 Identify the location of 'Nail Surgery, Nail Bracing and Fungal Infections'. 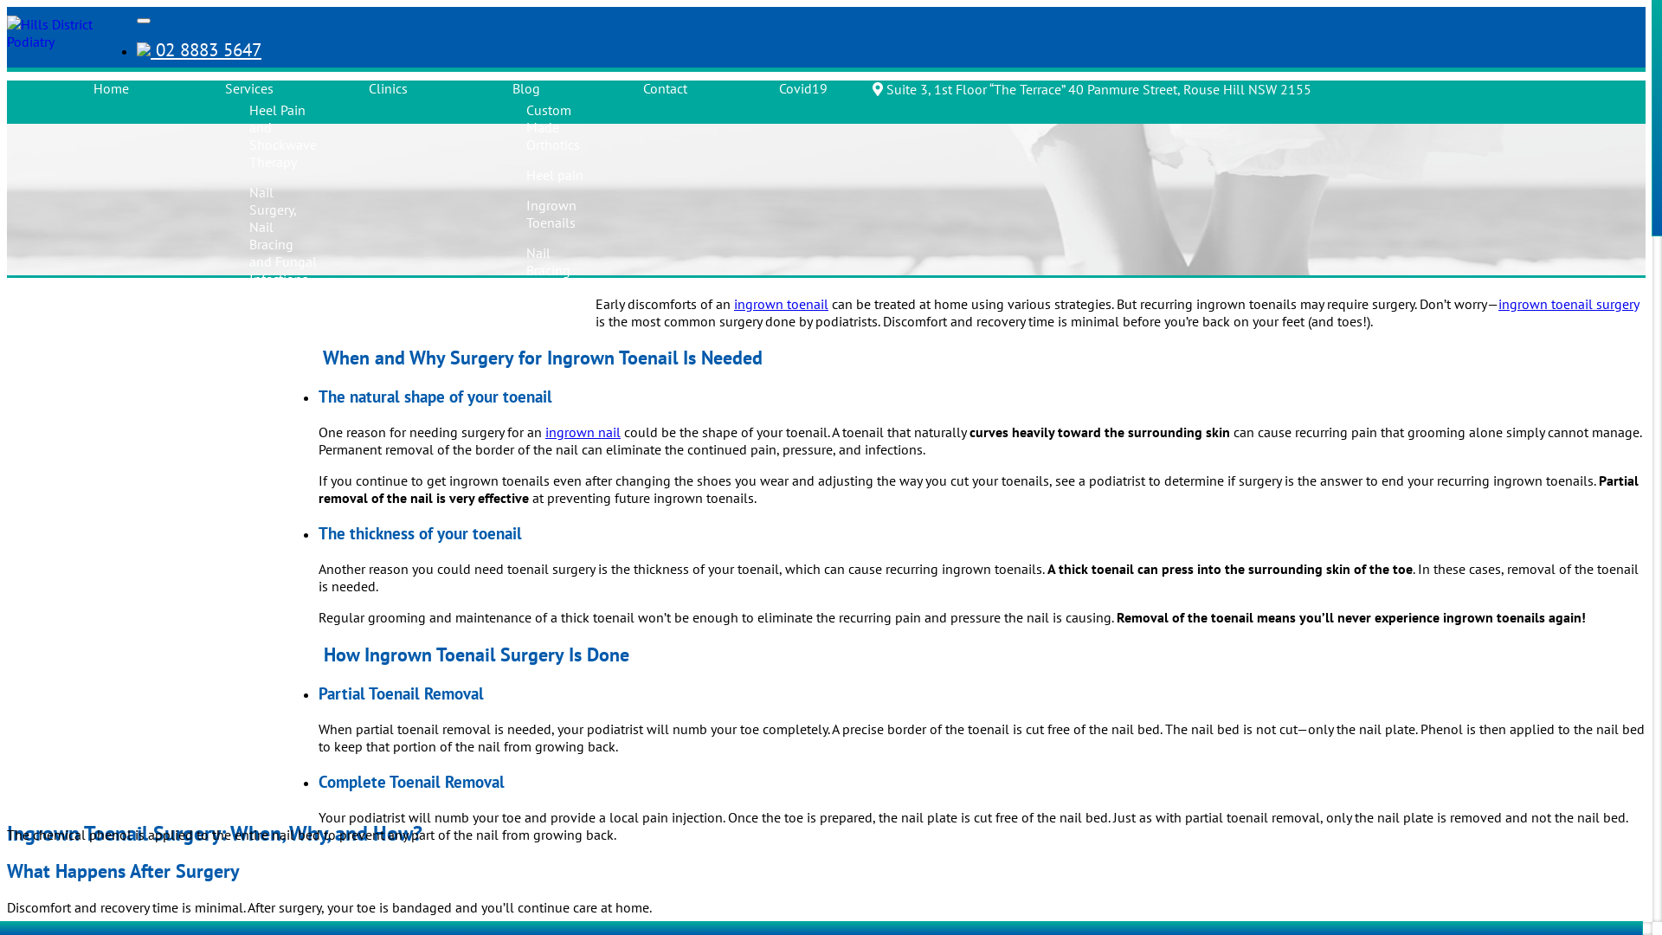
(282, 235).